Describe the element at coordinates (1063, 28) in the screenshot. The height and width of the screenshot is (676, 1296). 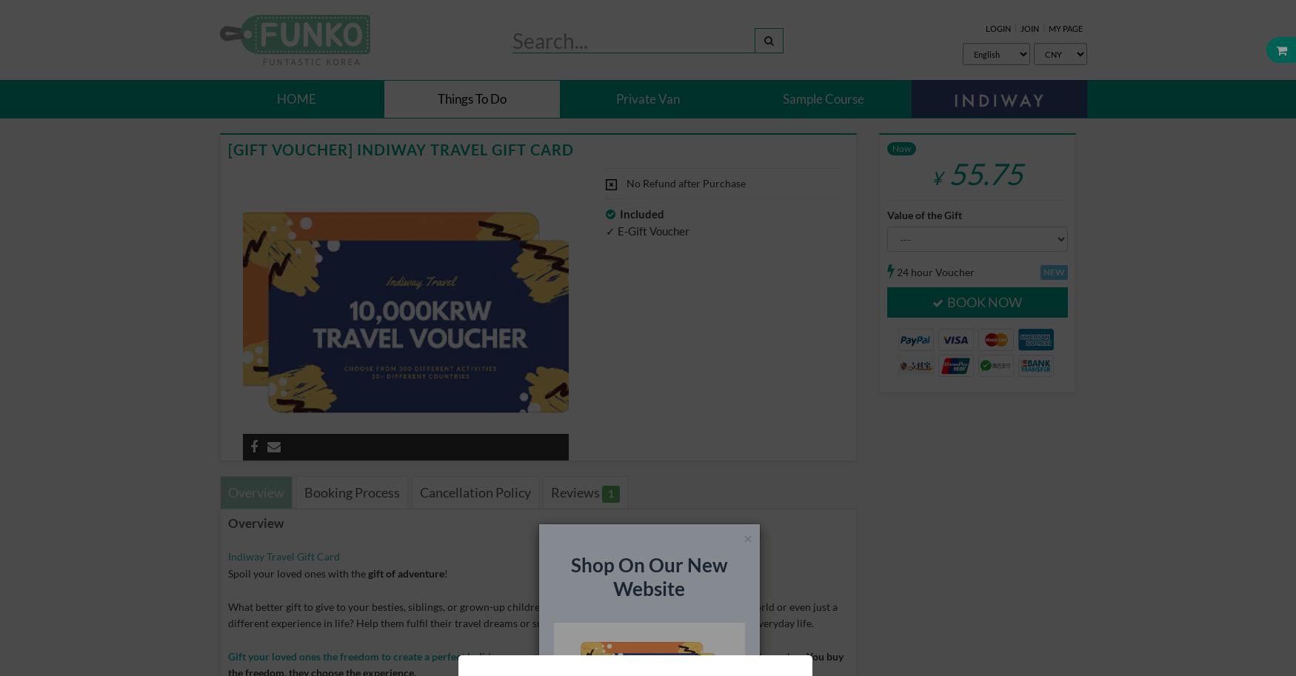
I see `'MY PAGE'` at that location.